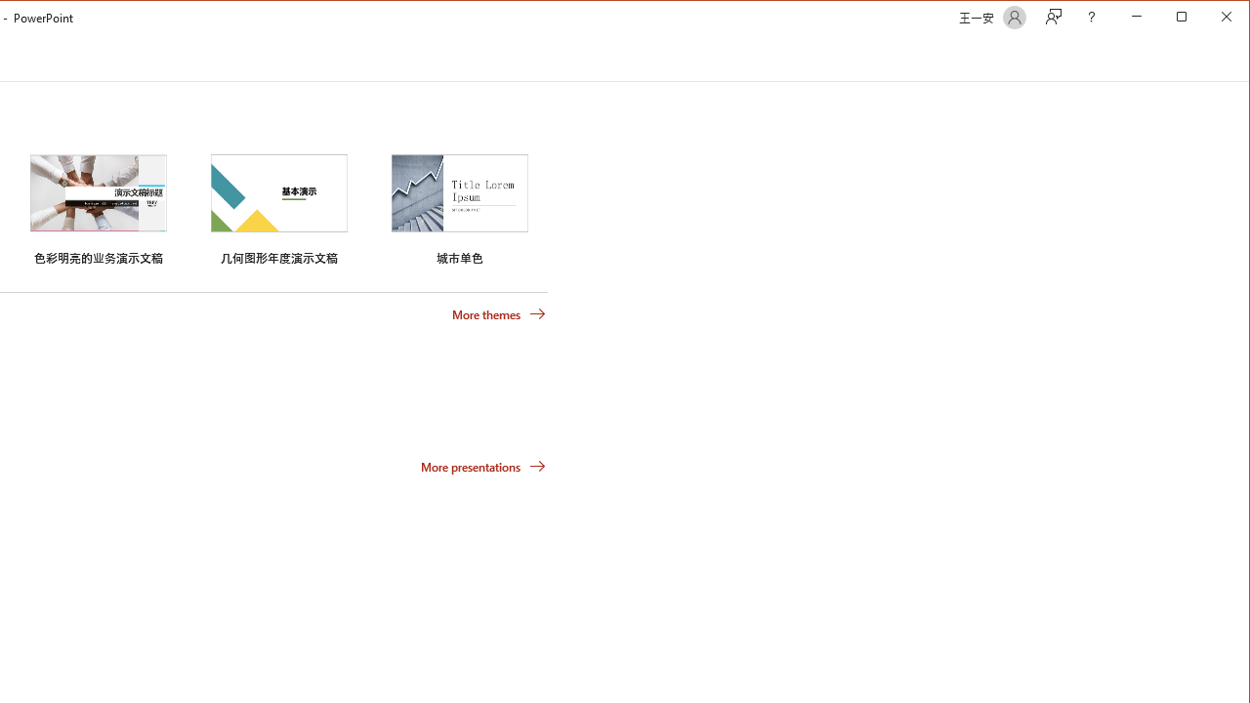 The width and height of the screenshot is (1250, 703). I want to click on 'Maximize', so click(1209, 19).